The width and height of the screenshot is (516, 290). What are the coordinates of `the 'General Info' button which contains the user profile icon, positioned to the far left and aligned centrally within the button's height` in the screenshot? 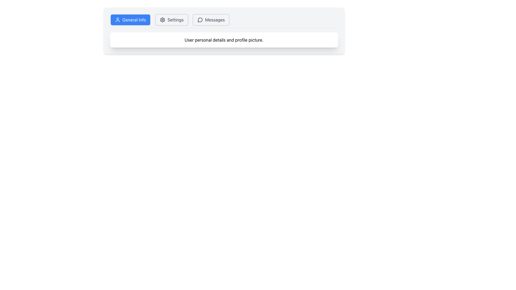 It's located at (117, 19).